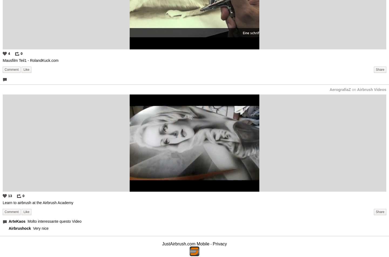 This screenshot has height=257, width=389. I want to click on 'ArteKaos', so click(17, 221).